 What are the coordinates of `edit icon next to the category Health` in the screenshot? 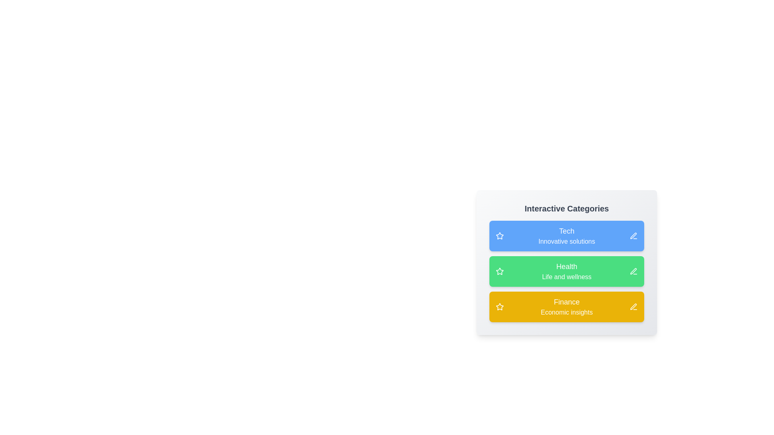 It's located at (633, 271).